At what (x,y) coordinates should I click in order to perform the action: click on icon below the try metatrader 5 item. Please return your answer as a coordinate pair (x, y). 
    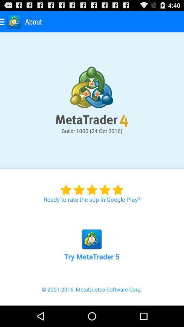
    Looking at the image, I should click on (92, 295).